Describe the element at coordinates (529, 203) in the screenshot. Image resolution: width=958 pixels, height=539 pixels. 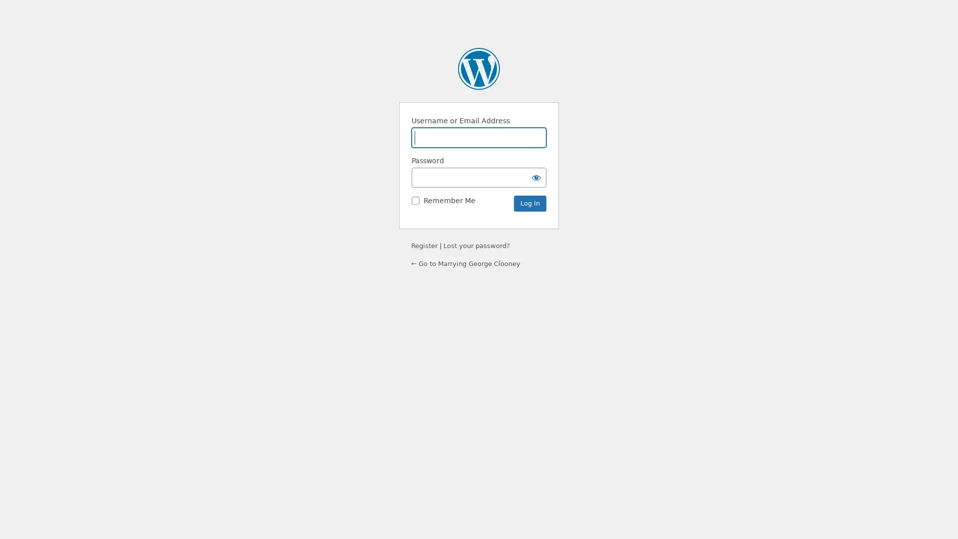
I see `Log In` at that location.